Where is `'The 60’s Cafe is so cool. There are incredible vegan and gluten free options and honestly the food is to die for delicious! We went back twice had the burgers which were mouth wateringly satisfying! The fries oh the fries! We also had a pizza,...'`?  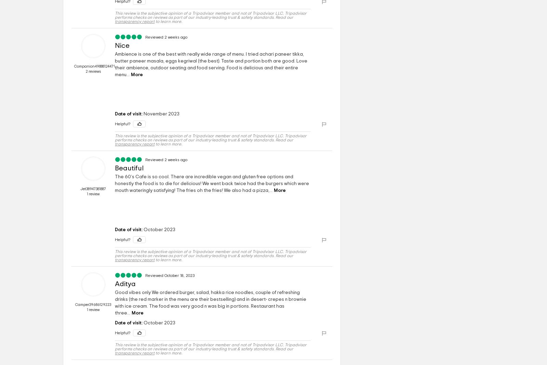
'The 60’s Cafe is so cool. There are incredible vegan and gluten free options and honestly the food is to die for delicious! We went back twice had the burgers which were mouth wateringly satisfying! The fries oh the fries! We also had a pizza,...' is located at coordinates (212, 184).